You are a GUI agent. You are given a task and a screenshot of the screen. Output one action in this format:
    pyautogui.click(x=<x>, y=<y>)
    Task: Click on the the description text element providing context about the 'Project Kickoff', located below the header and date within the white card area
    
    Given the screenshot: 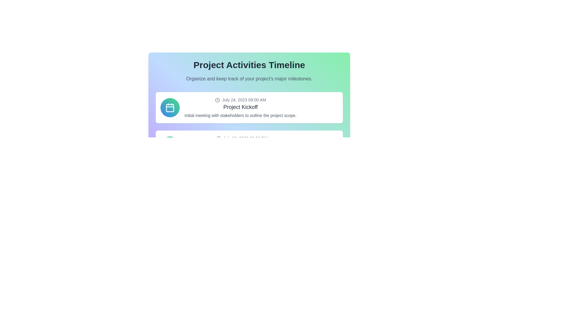 What is the action you would take?
    pyautogui.click(x=240, y=115)
    